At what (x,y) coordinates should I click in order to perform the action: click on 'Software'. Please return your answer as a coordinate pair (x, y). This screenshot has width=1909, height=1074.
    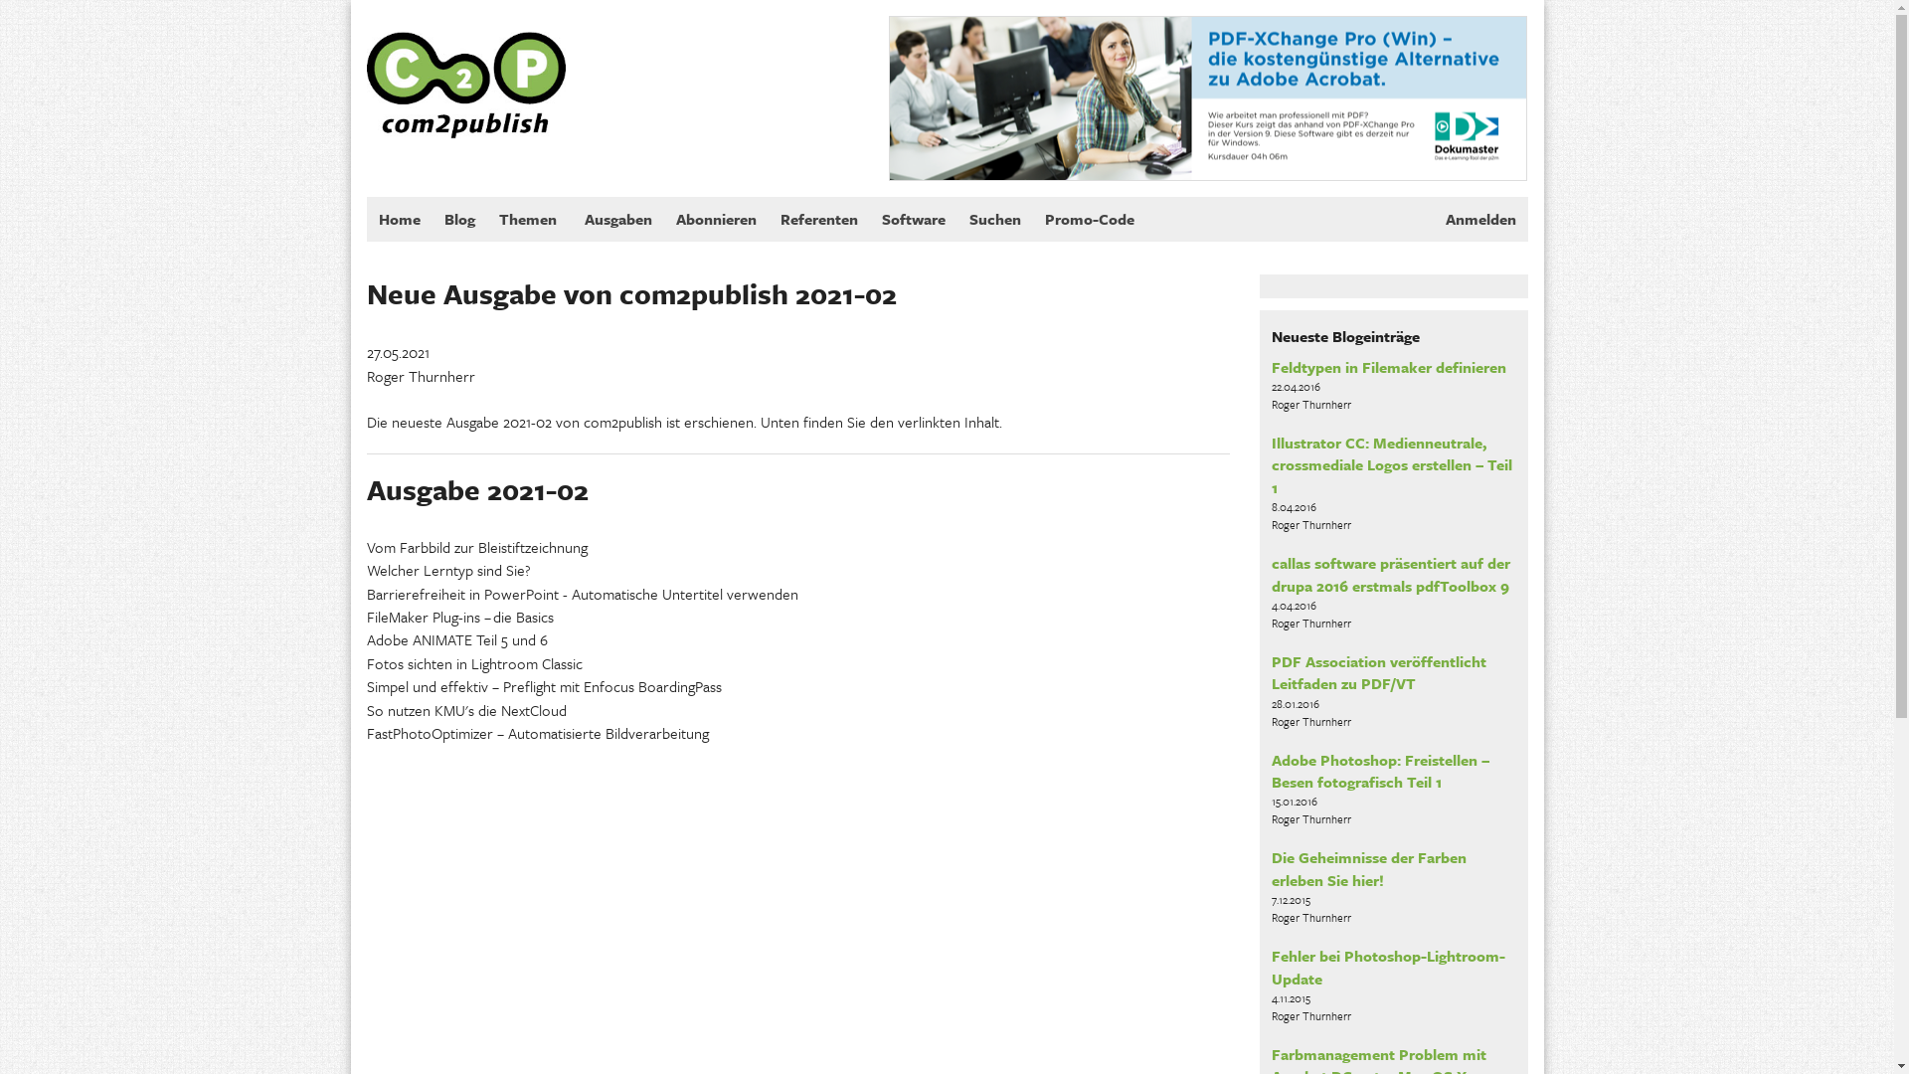
    Looking at the image, I should click on (911, 219).